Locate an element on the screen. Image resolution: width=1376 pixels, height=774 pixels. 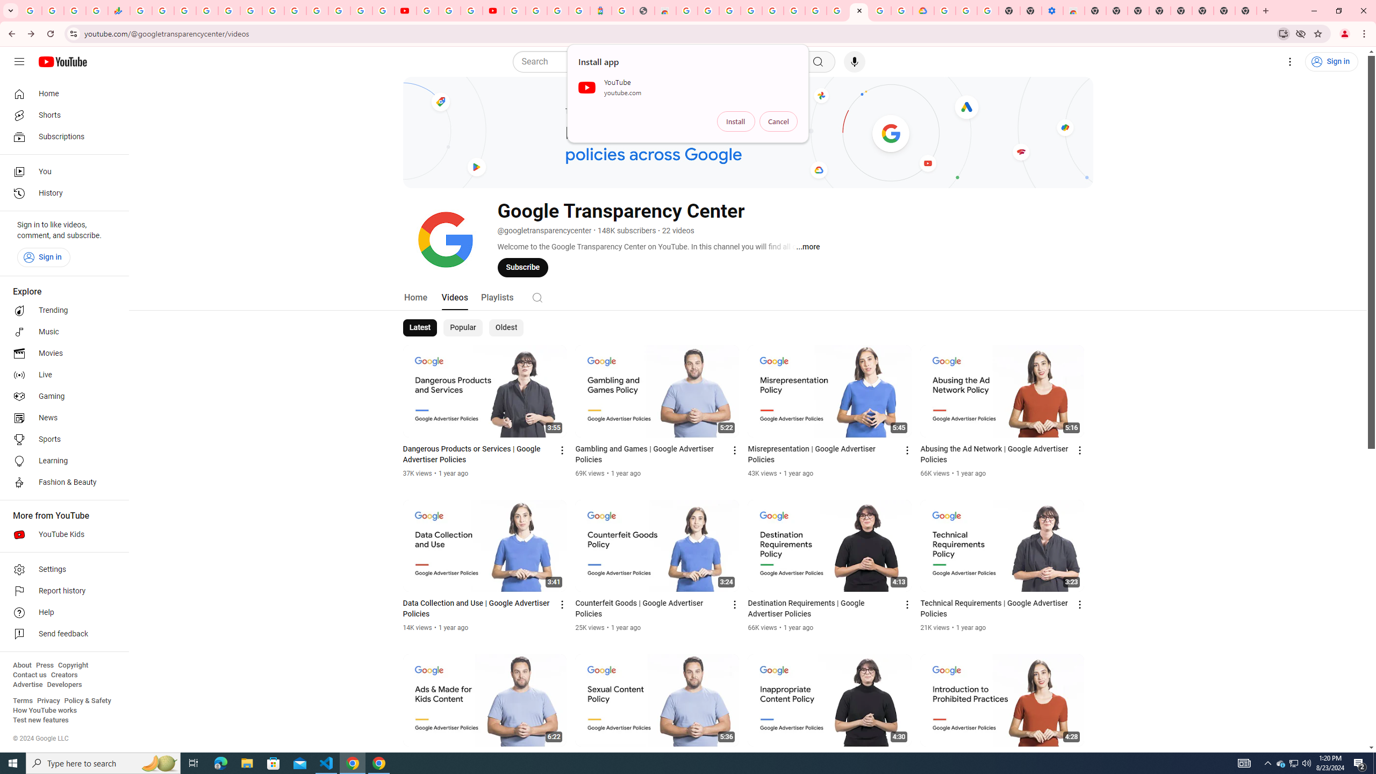
'Search with your voice' is located at coordinates (854, 61).